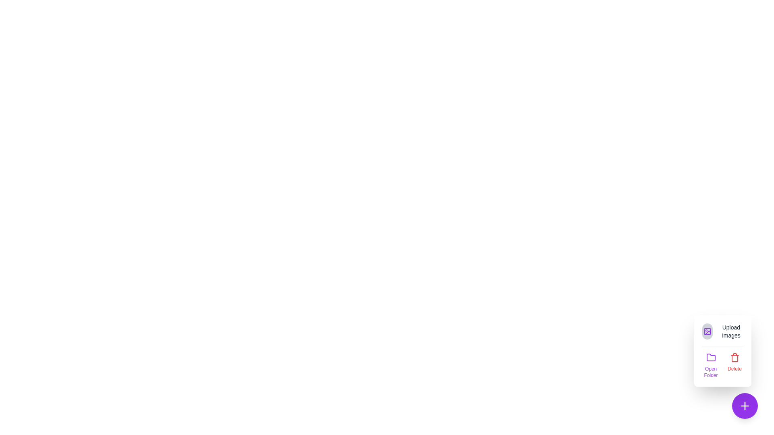 This screenshot has width=774, height=435. I want to click on over the Interactive utility panel, which is a compact rectangular panel with a white background, showing 'Upload Images' and buttons labeled 'Open Folder' and 'Delete', so click(723, 350).